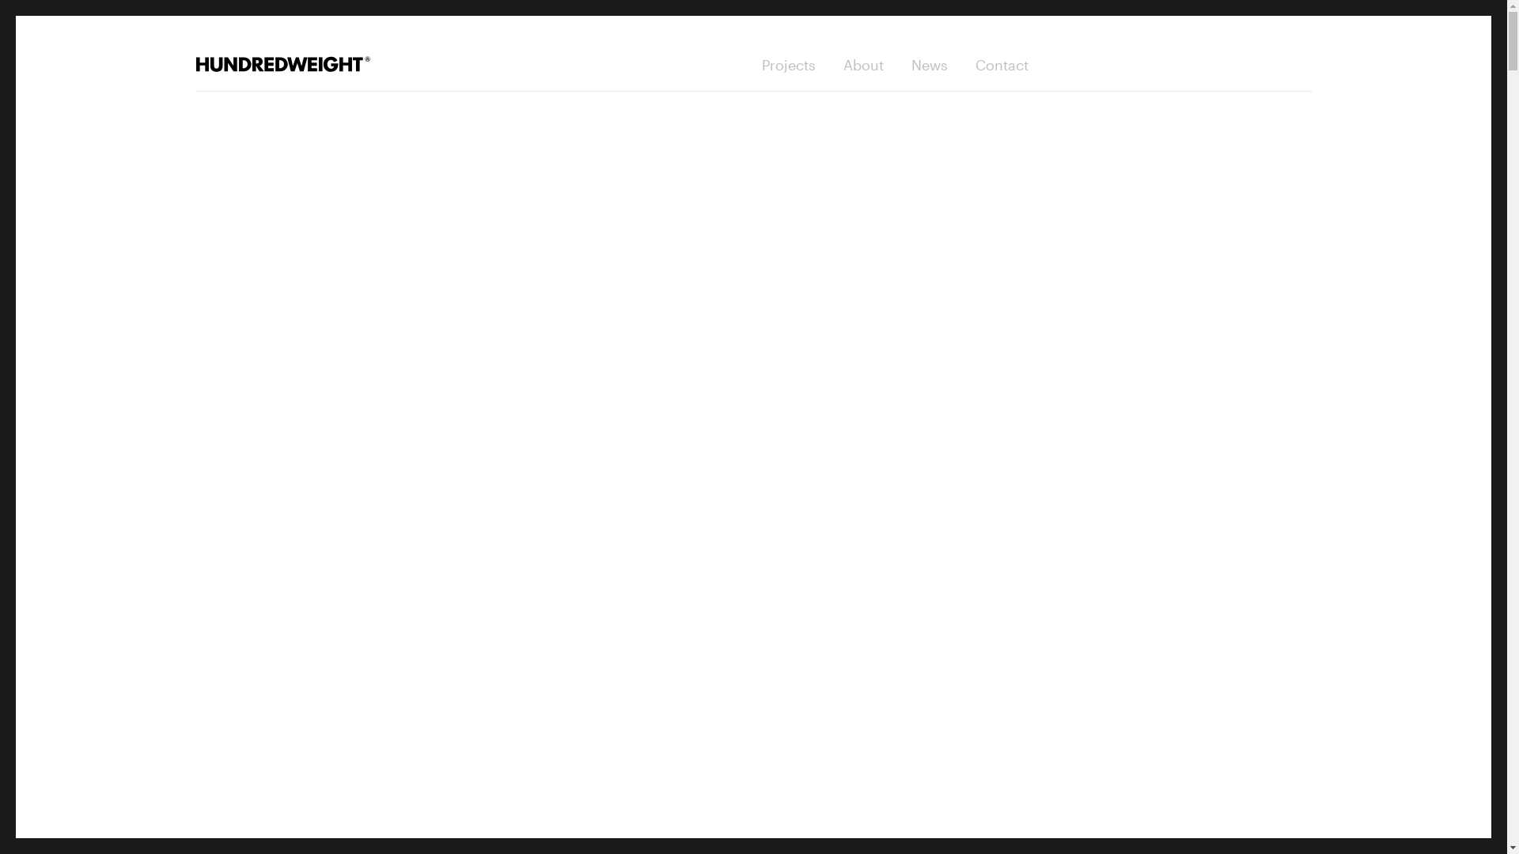  I want to click on 'Contact', so click(1000, 63).